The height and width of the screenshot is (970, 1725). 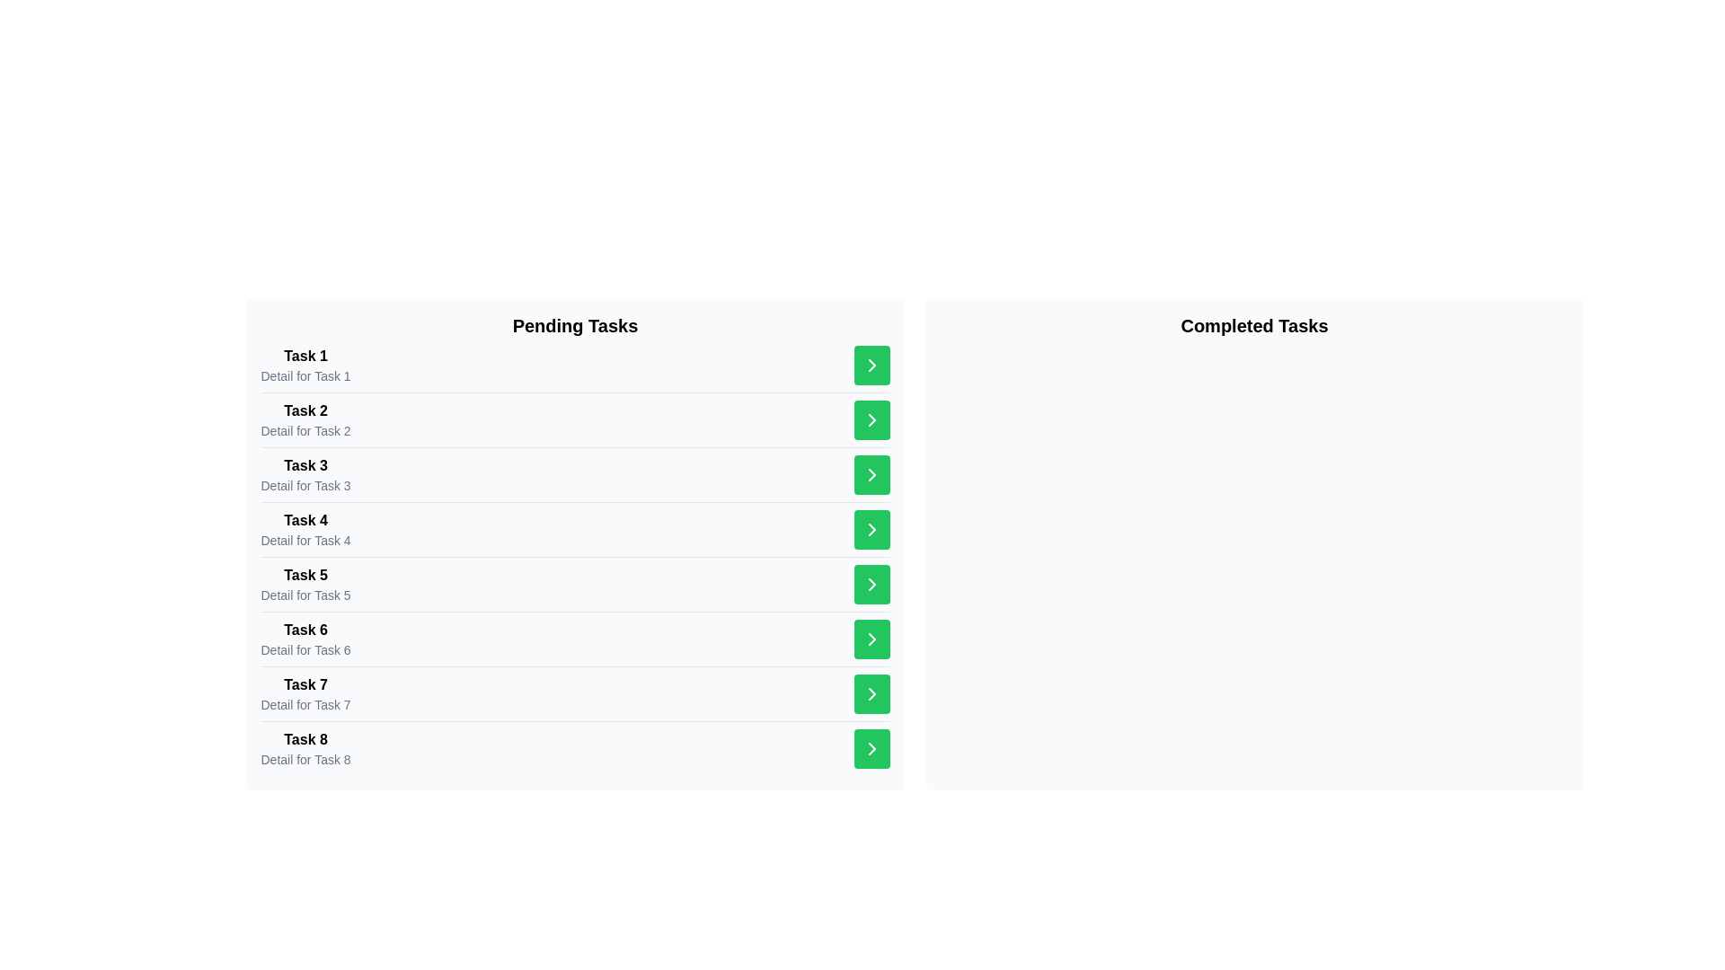 What do you see at coordinates (871, 529) in the screenshot?
I see `the arrow icon located inside the green button of the seventh item in the 'Pending Tasks' list` at bounding box center [871, 529].